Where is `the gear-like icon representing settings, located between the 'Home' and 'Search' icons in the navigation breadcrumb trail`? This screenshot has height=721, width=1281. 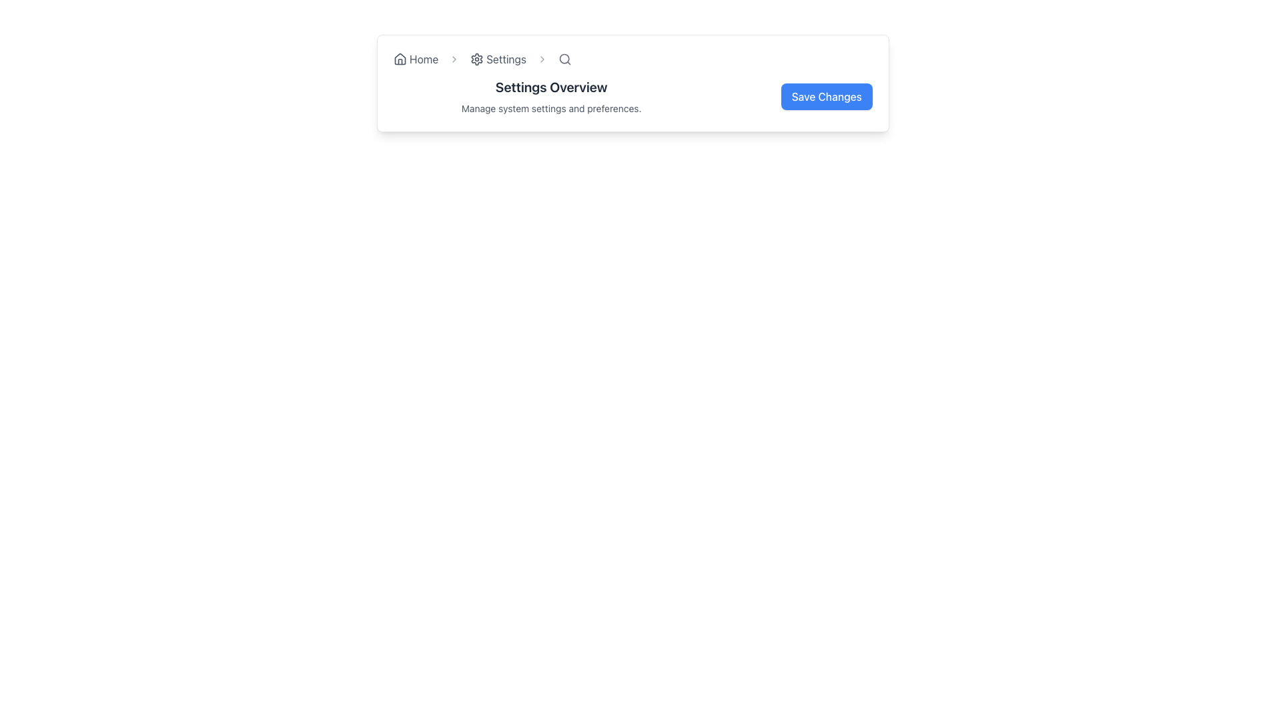
the gear-like icon representing settings, located between the 'Home' and 'Search' icons in the navigation breadcrumb trail is located at coordinates (477, 58).